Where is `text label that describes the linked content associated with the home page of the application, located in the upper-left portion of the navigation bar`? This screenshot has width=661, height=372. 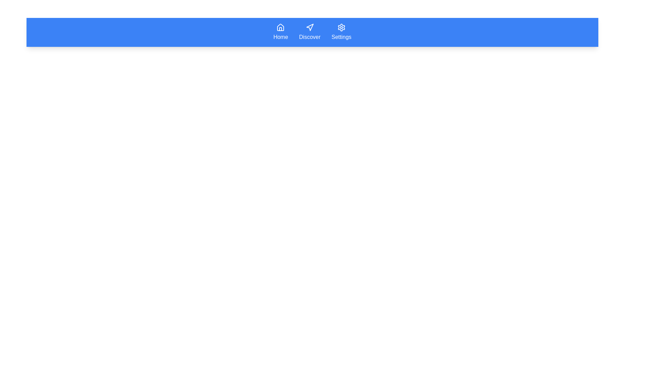
text label that describes the linked content associated with the home page of the application, located in the upper-left portion of the navigation bar is located at coordinates (281, 37).